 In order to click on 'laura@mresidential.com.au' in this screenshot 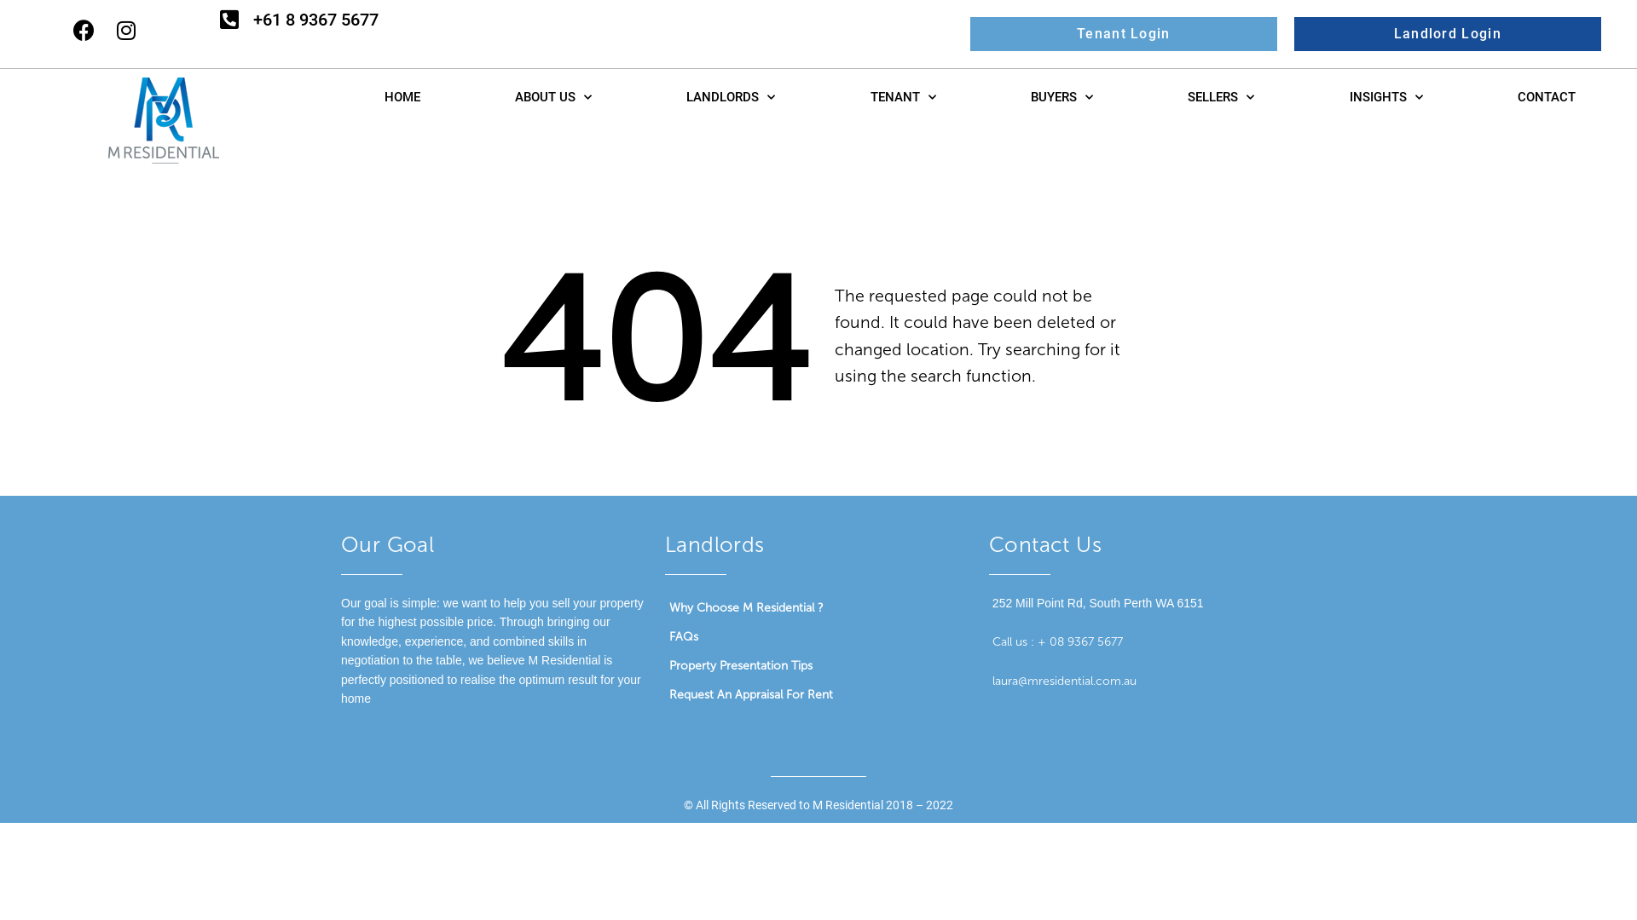, I will do `click(992, 680)`.